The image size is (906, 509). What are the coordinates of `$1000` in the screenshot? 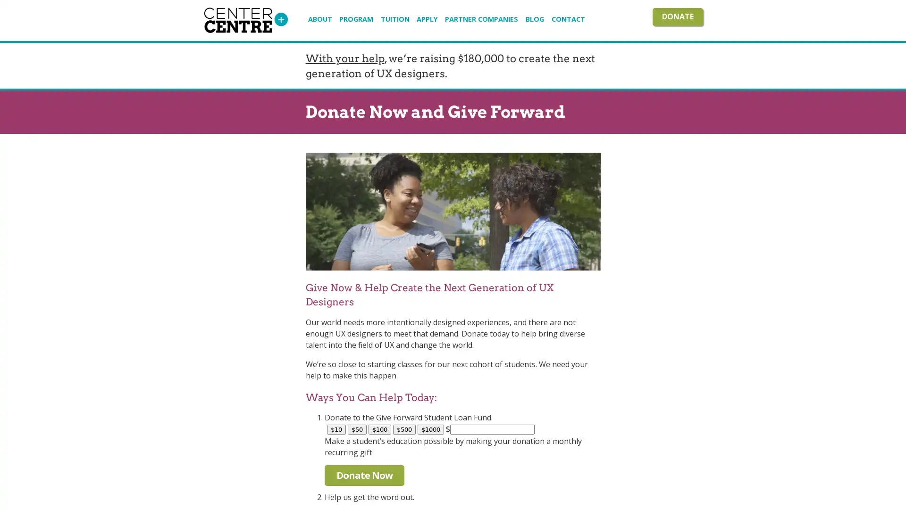 It's located at (430, 429).